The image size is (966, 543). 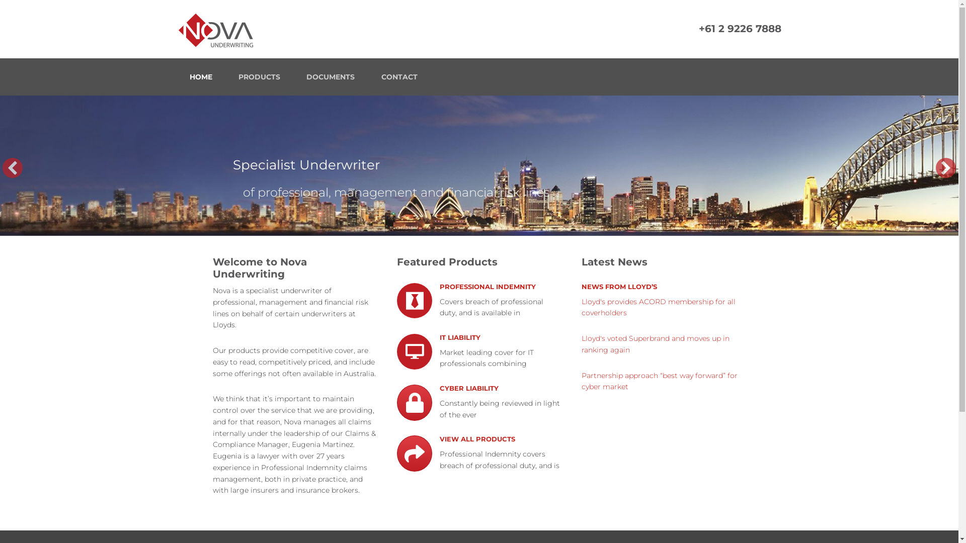 What do you see at coordinates (488, 291) in the screenshot?
I see `'PROFESSIONAL INDEMNITY'` at bounding box center [488, 291].